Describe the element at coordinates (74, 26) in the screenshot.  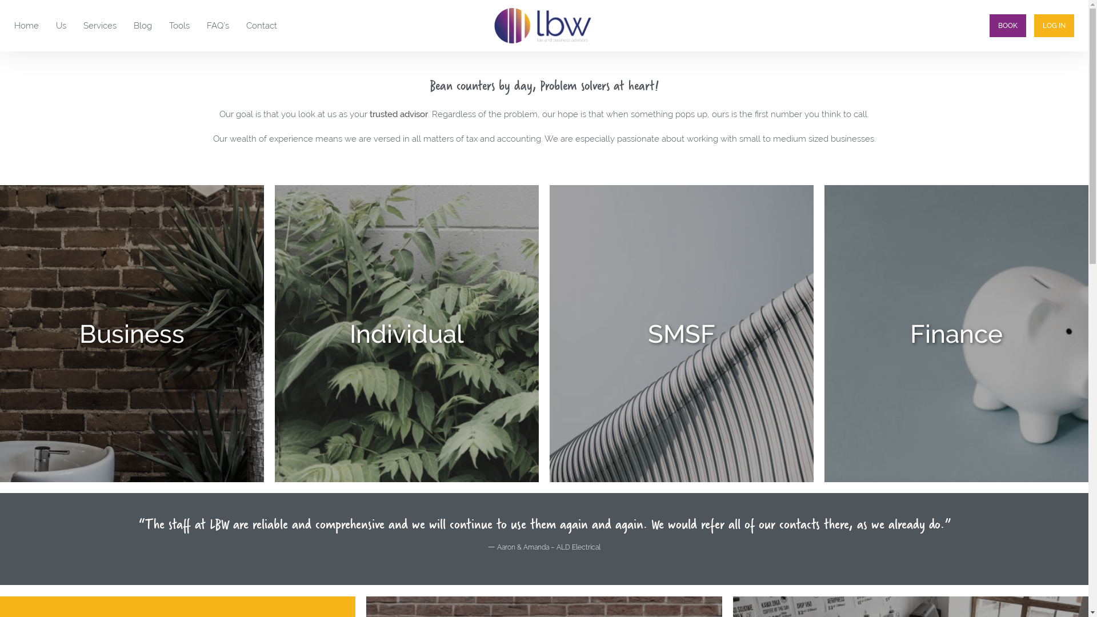
I see `'Services'` at that location.